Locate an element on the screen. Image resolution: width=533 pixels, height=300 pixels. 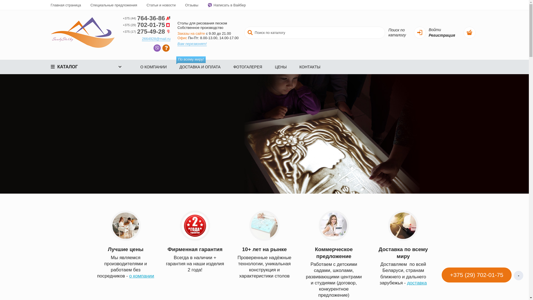
'+375 (29) is located at coordinates (147, 24).